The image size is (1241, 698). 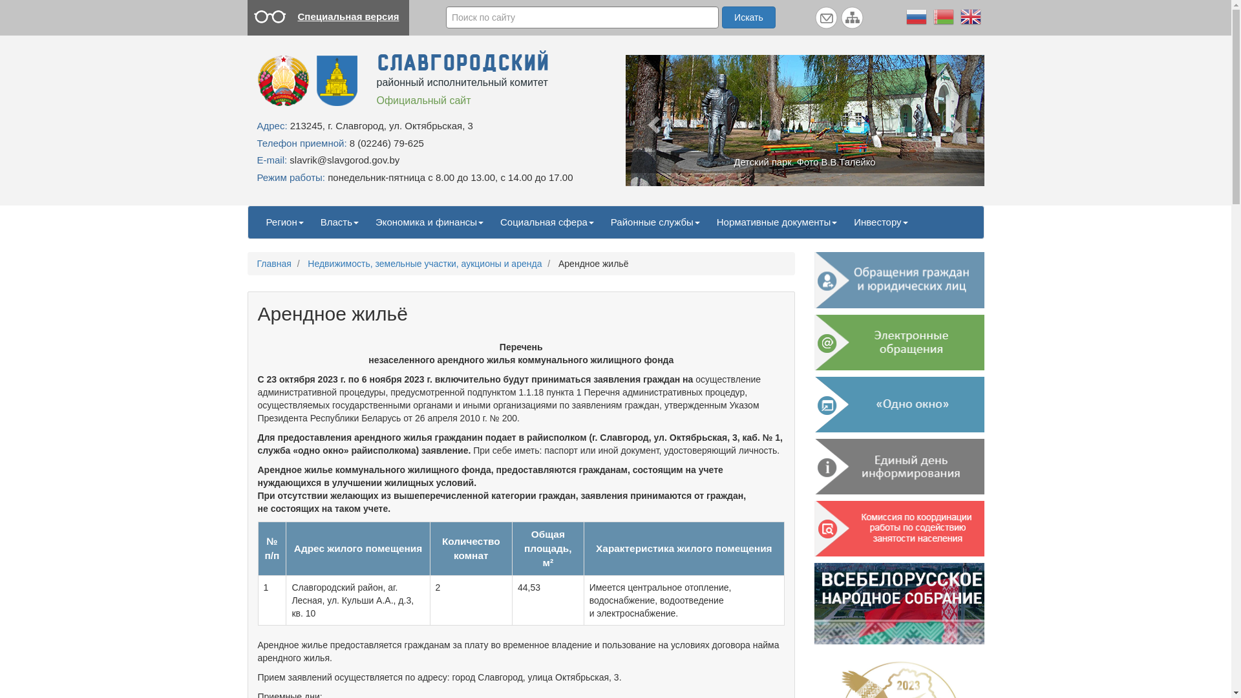 I want to click on 'Russian', so click(x=902, y=16).